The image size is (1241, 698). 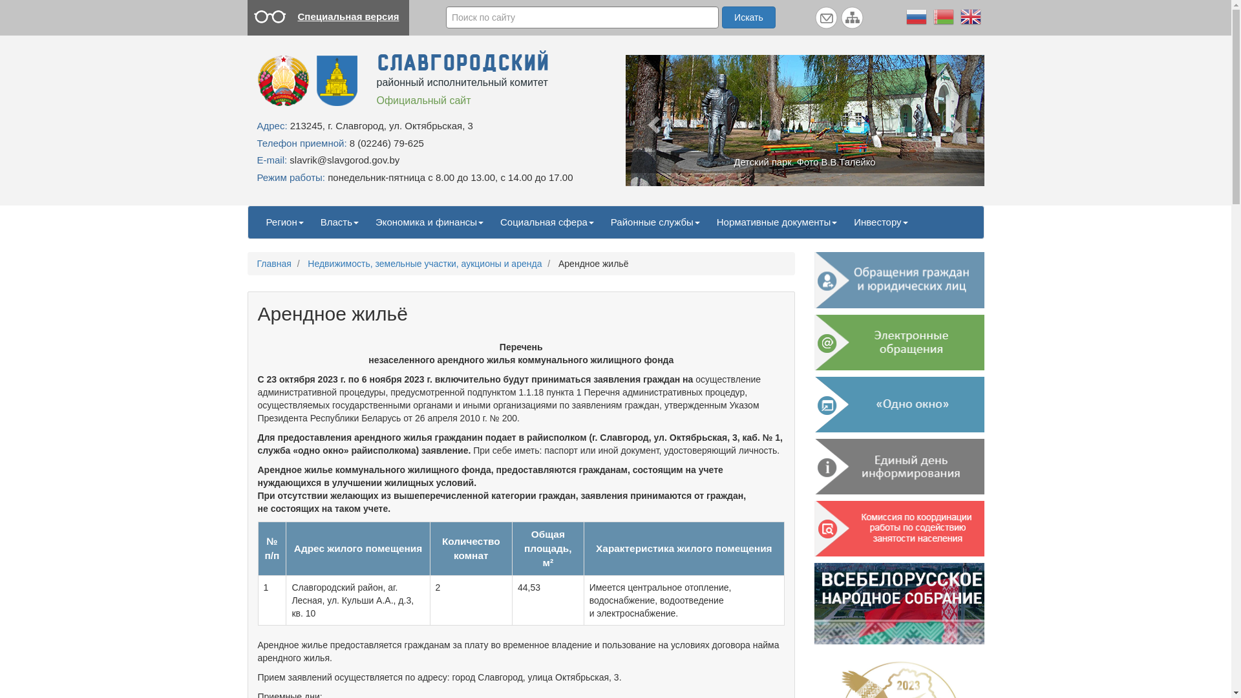 I want to click on 'Russian', so click(x=902, y=16).